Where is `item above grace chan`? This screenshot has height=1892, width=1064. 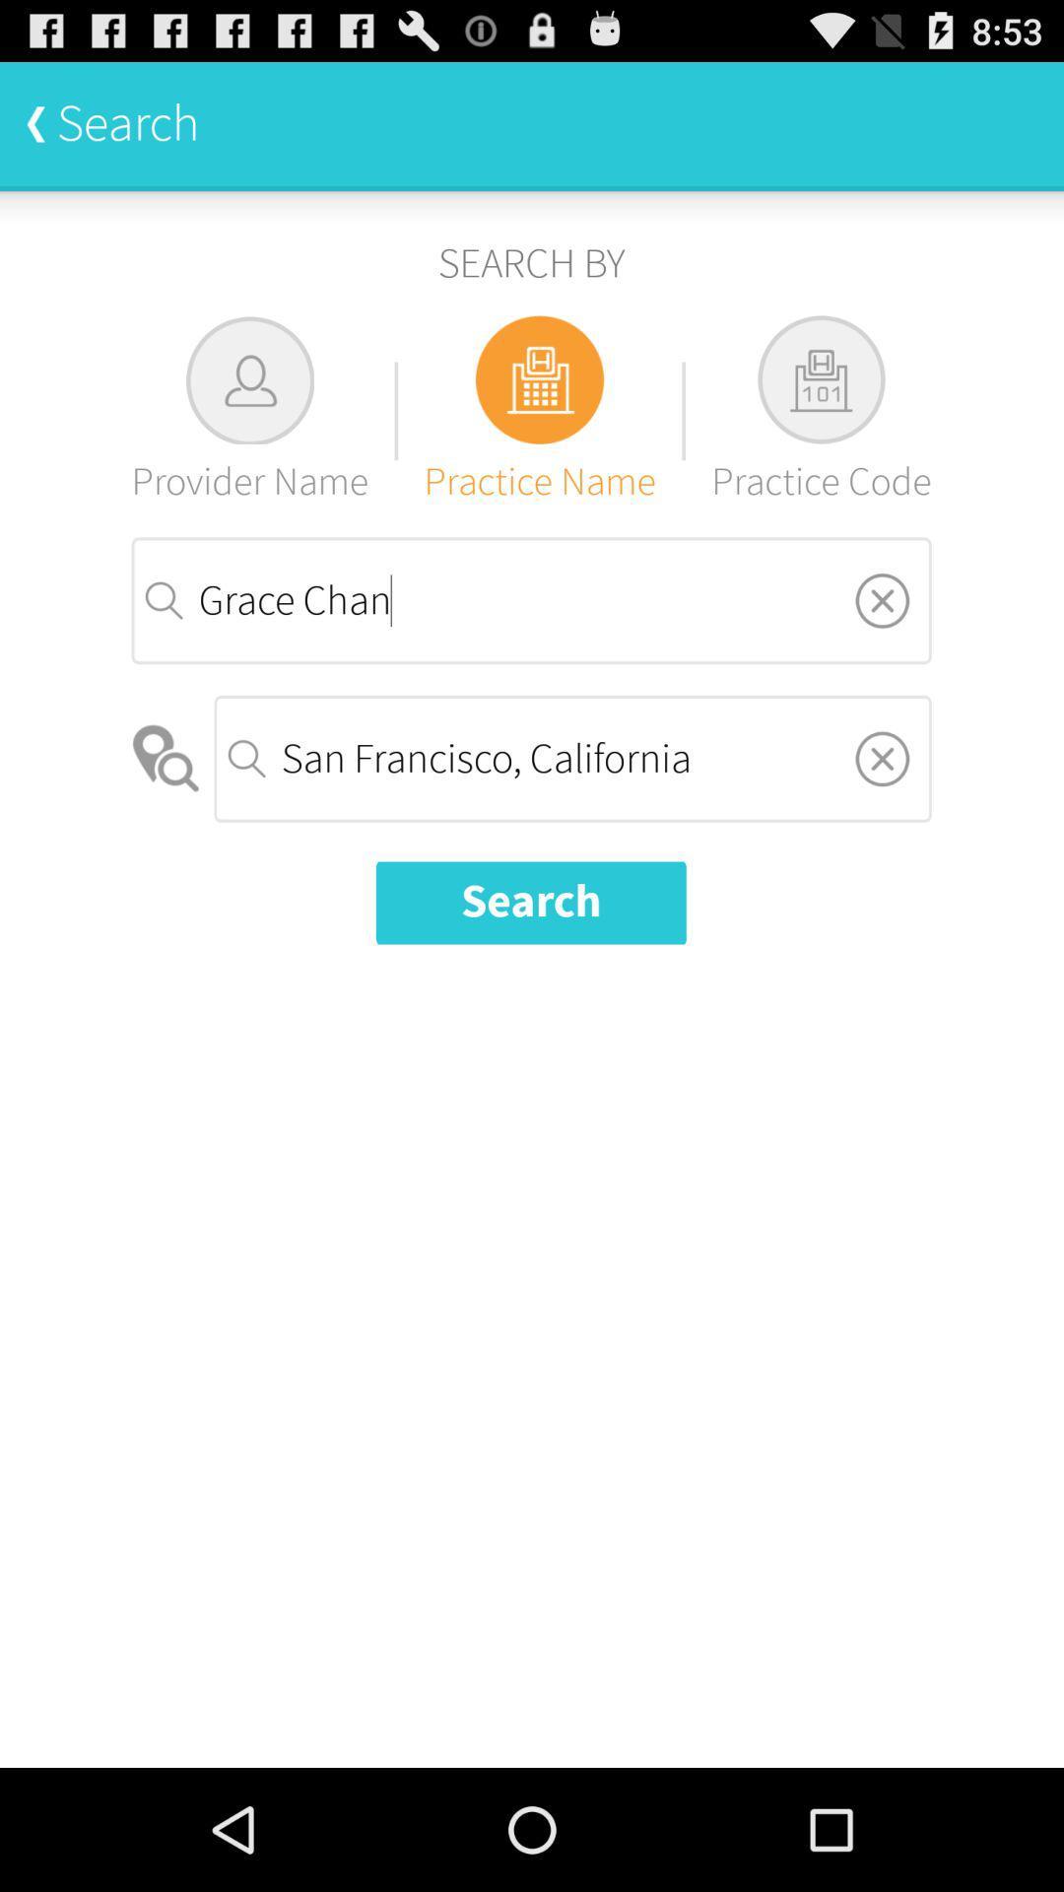 item above grace chan is located at coordinates (248, 410).